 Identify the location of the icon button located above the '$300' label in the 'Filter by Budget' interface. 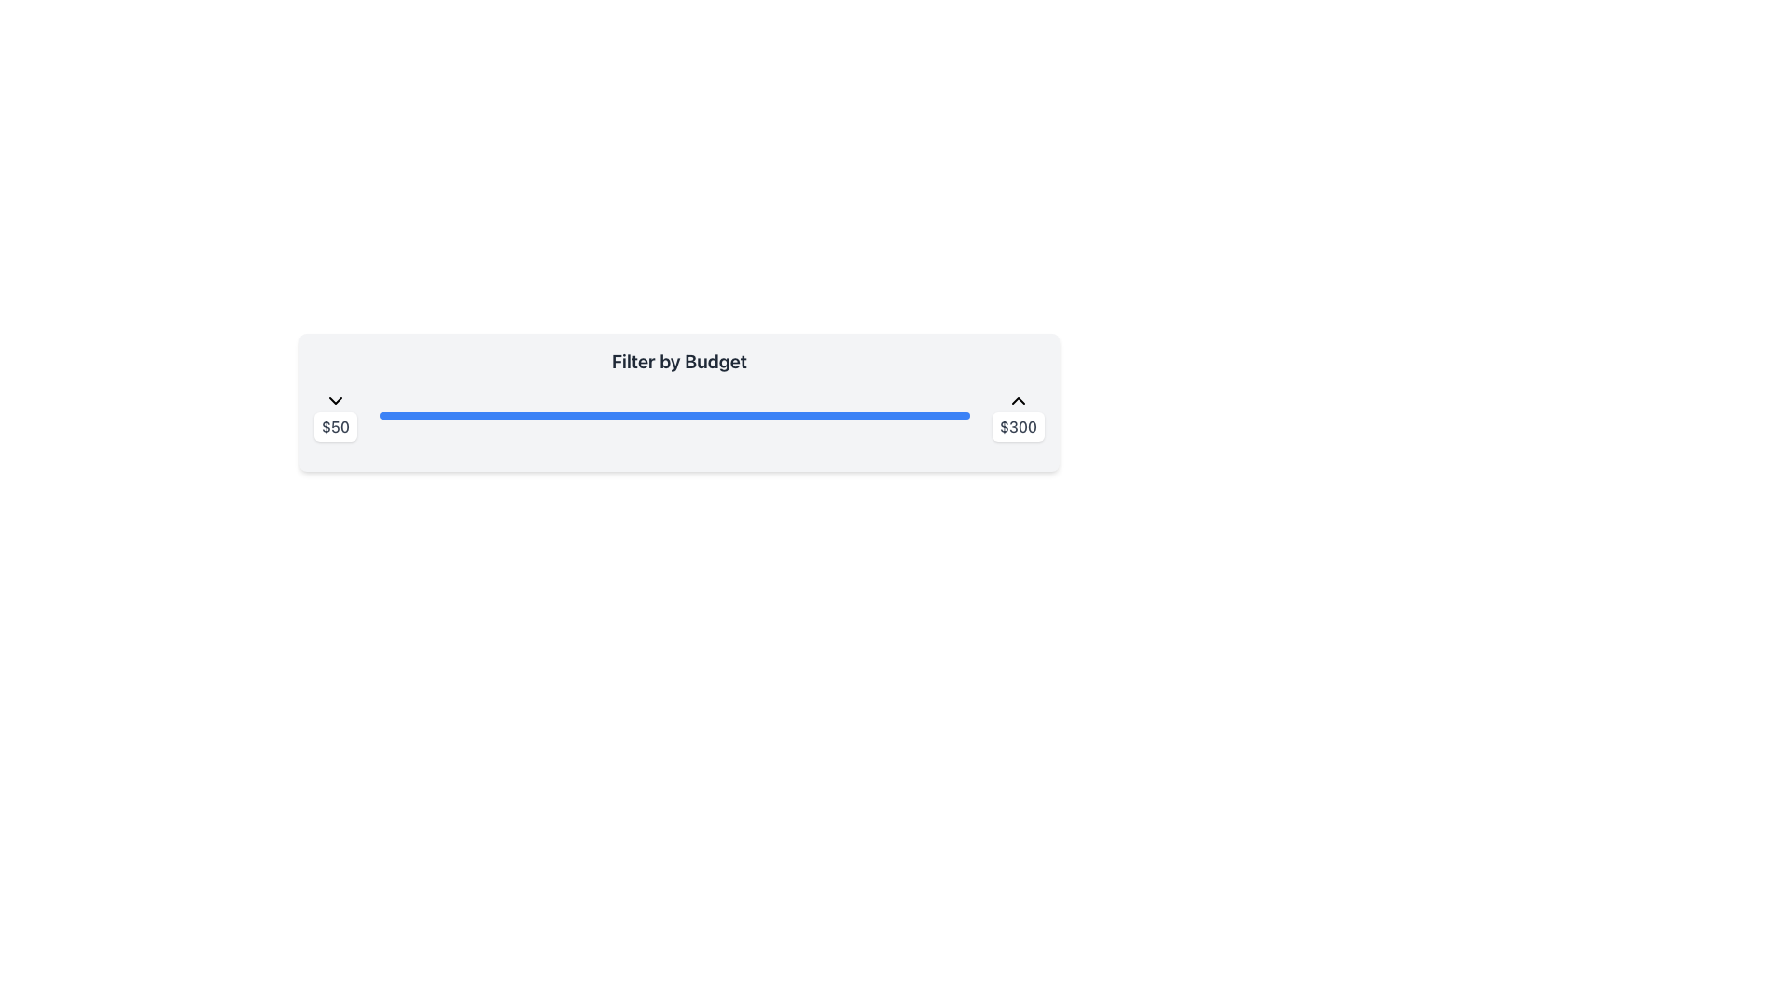
(1017, 399).